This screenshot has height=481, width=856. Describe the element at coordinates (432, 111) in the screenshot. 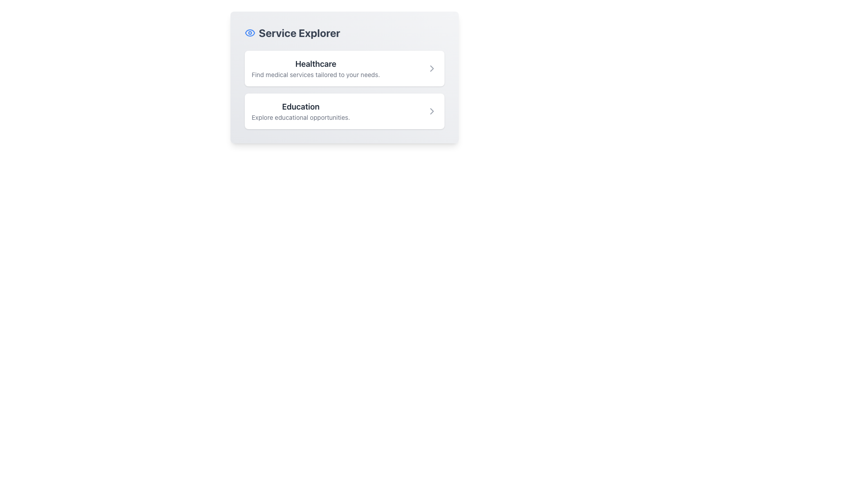

I see `the small, right-pointing chevron arrow icon with a light gray stroke, located at the far right of the 'Education' section box, horizontally aligned with the 'Education' text` at that location.